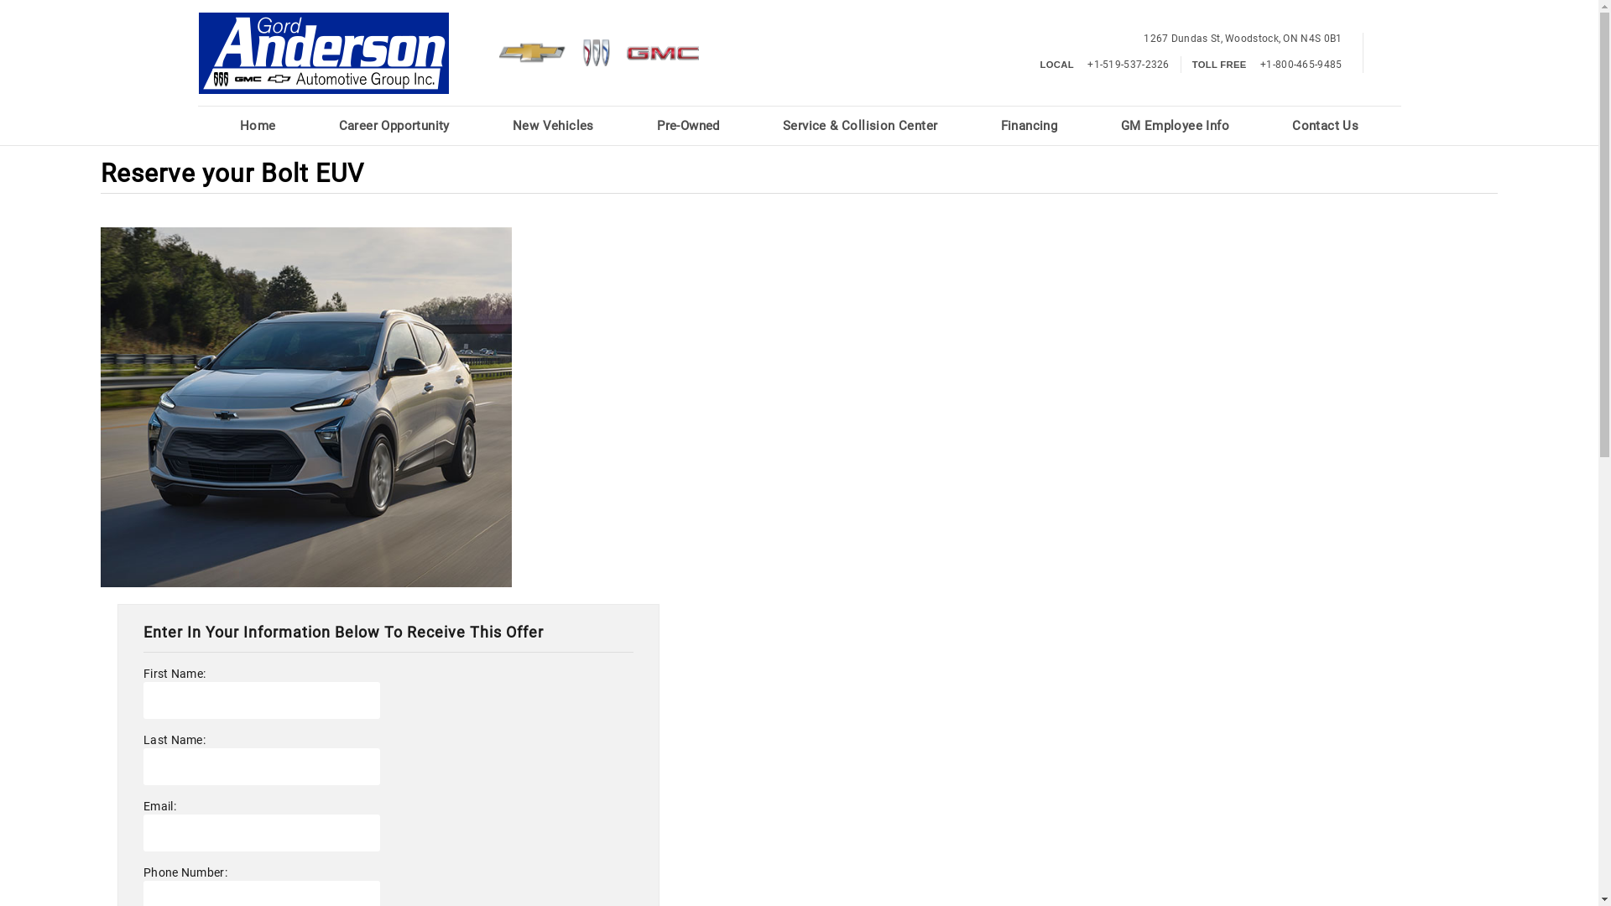  I want to click on '1267 Dundas St,, so click(1243, 38).